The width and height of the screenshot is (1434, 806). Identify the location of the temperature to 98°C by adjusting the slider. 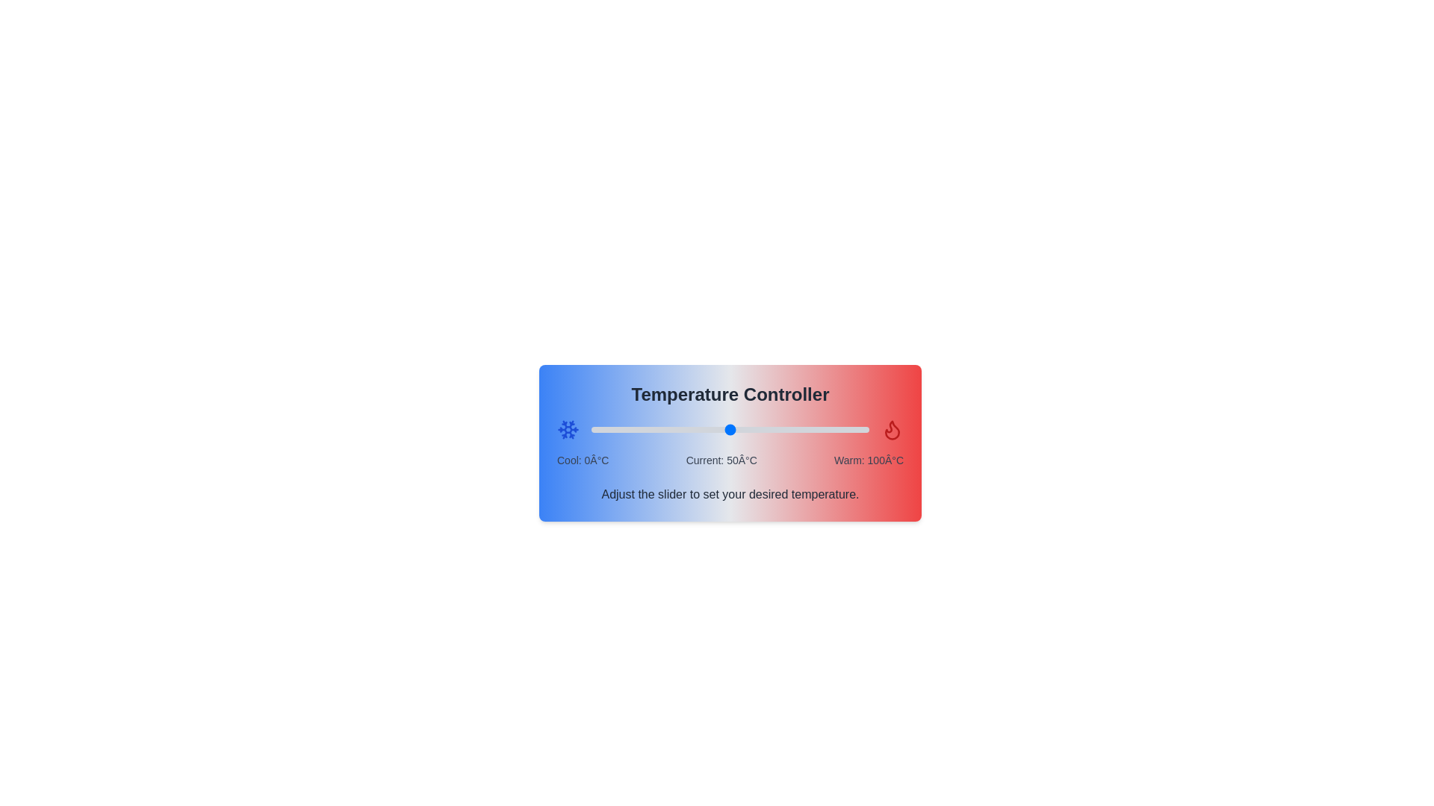
(863, 429).